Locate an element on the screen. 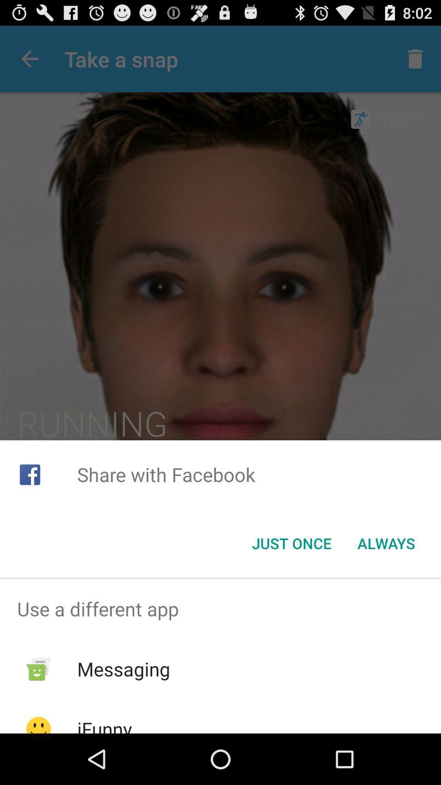  the ifunny app is located at coordinates (104, 724).